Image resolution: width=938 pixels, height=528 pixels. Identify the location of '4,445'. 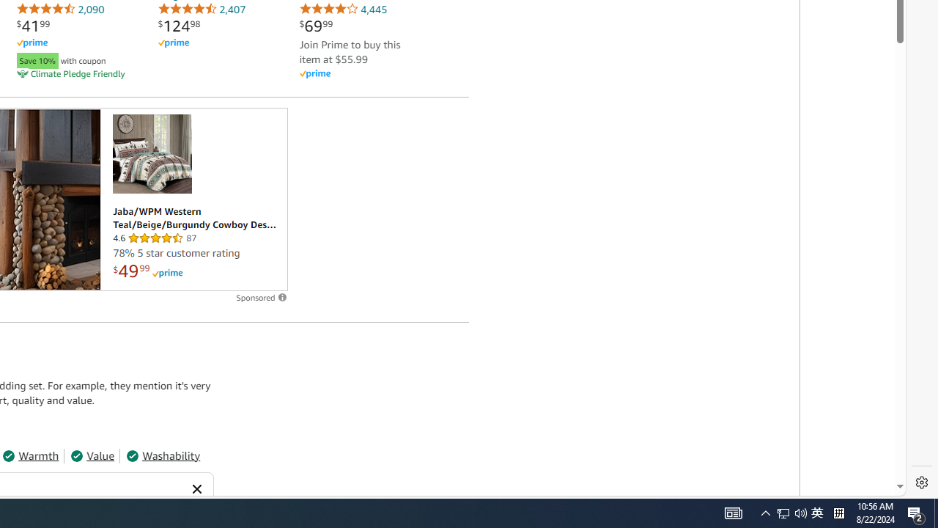
(342, 9).